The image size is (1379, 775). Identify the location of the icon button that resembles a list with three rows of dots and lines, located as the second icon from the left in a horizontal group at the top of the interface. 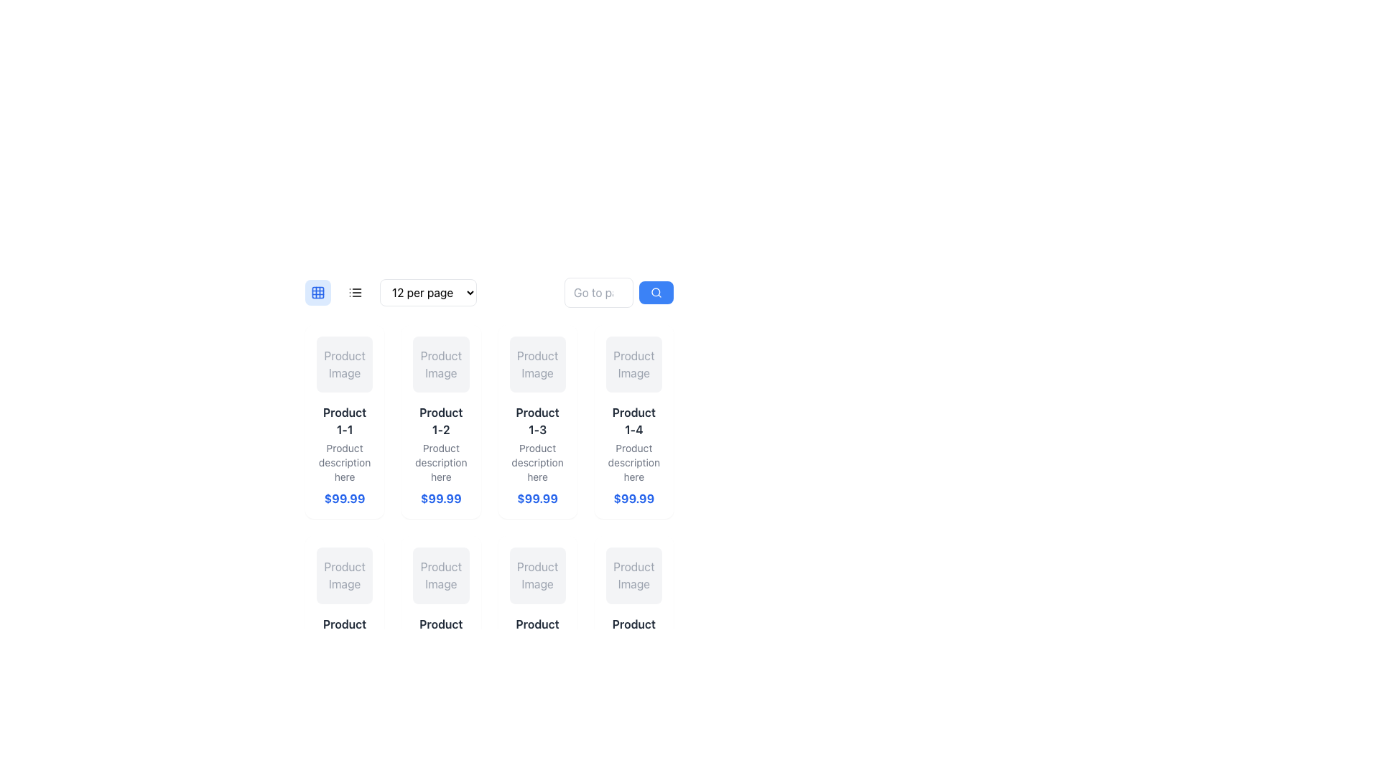
(355, 292).